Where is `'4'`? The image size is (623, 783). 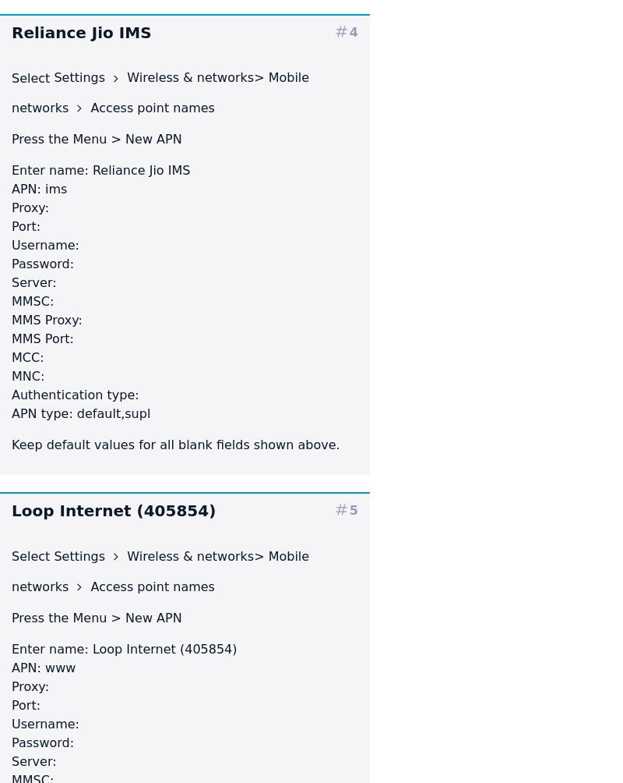
'4' is located at coordinates (353, 31).